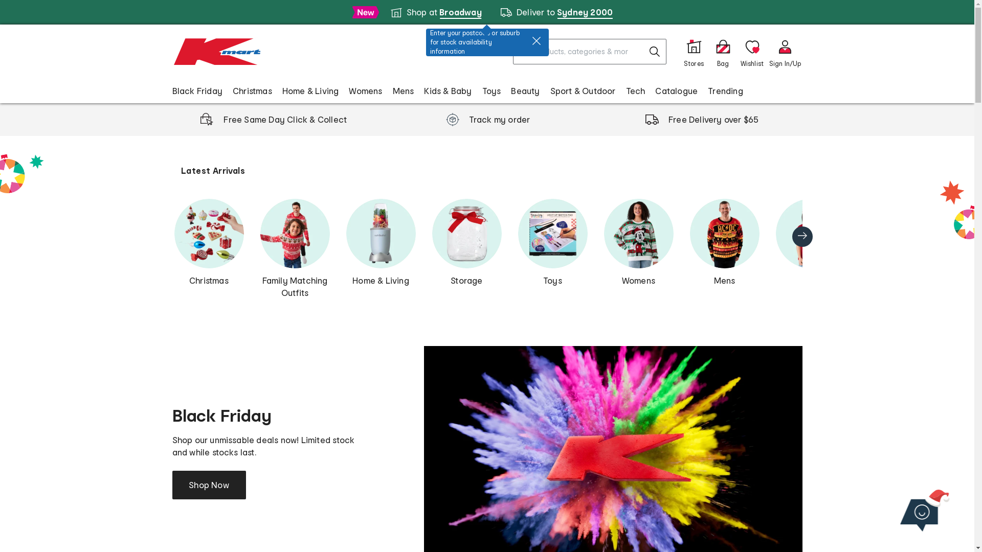  I want to click on 'Womens', so click(365, 90).